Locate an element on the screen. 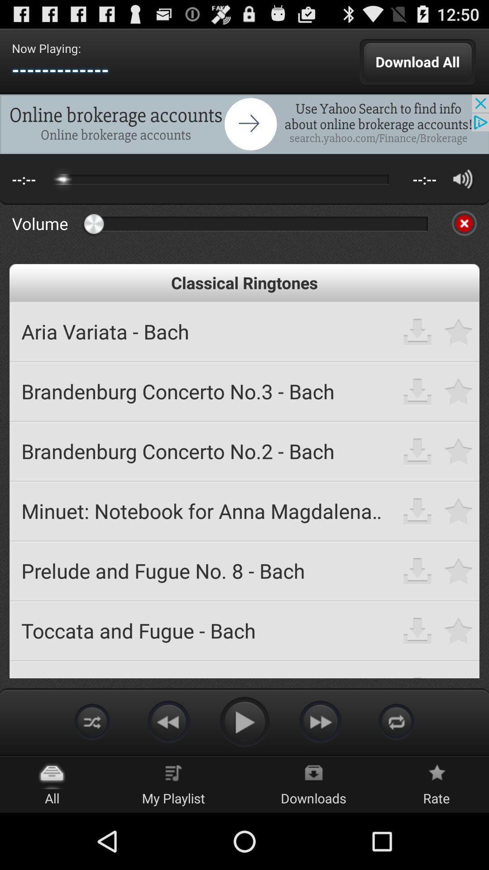 The image size is (489, 870). song is located at coordinates (459, 630).